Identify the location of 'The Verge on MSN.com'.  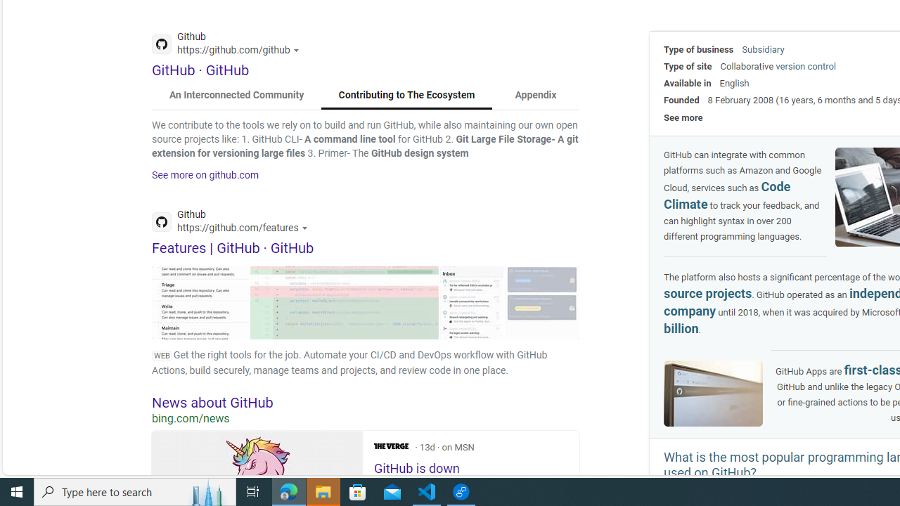
(391, 446).